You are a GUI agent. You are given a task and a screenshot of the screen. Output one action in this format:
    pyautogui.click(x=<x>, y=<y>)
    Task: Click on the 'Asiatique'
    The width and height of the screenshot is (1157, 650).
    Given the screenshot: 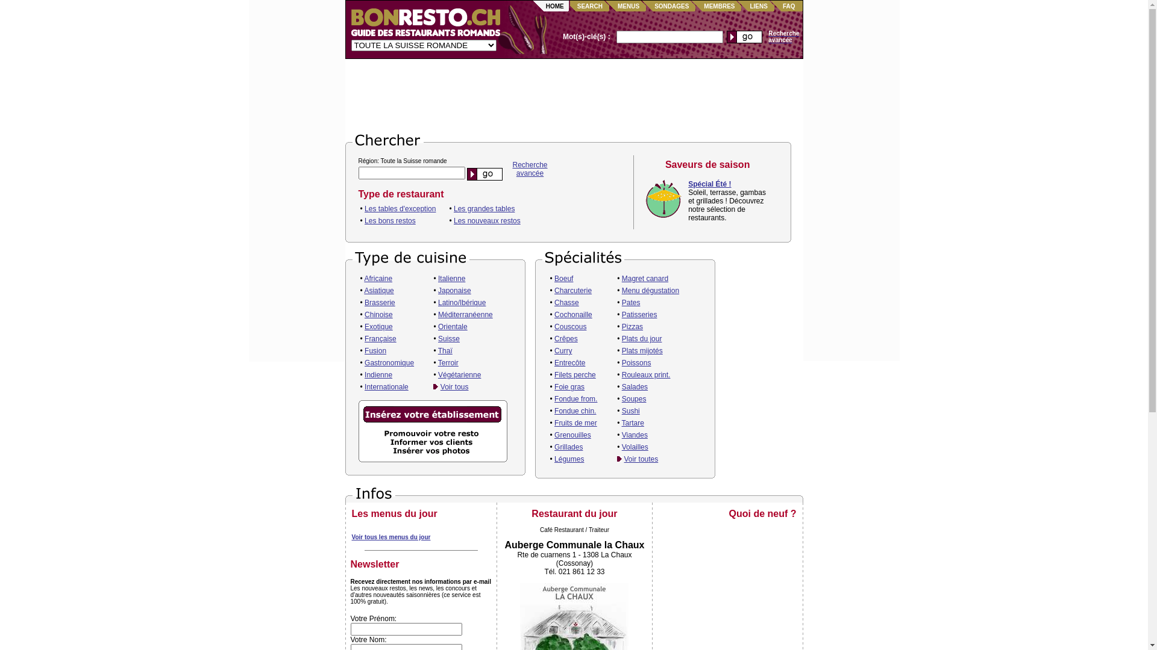 What is the action you would take?
    pyautogui.click(x=378, y=290)
    